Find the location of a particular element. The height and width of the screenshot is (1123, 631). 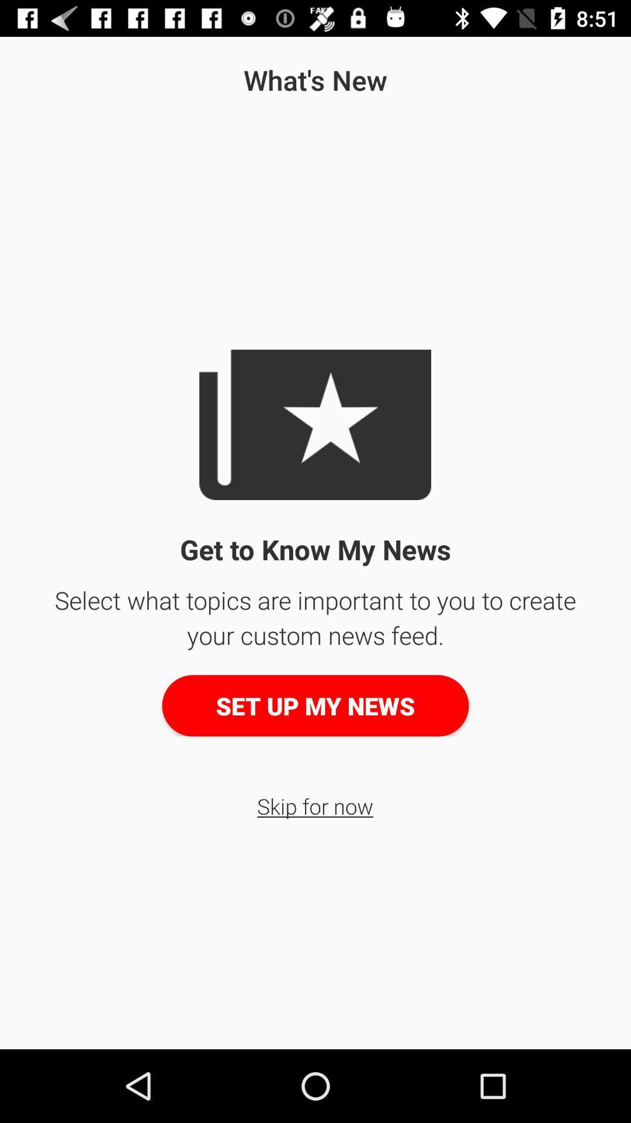

the set up my button is located at coordinates (315, 705).